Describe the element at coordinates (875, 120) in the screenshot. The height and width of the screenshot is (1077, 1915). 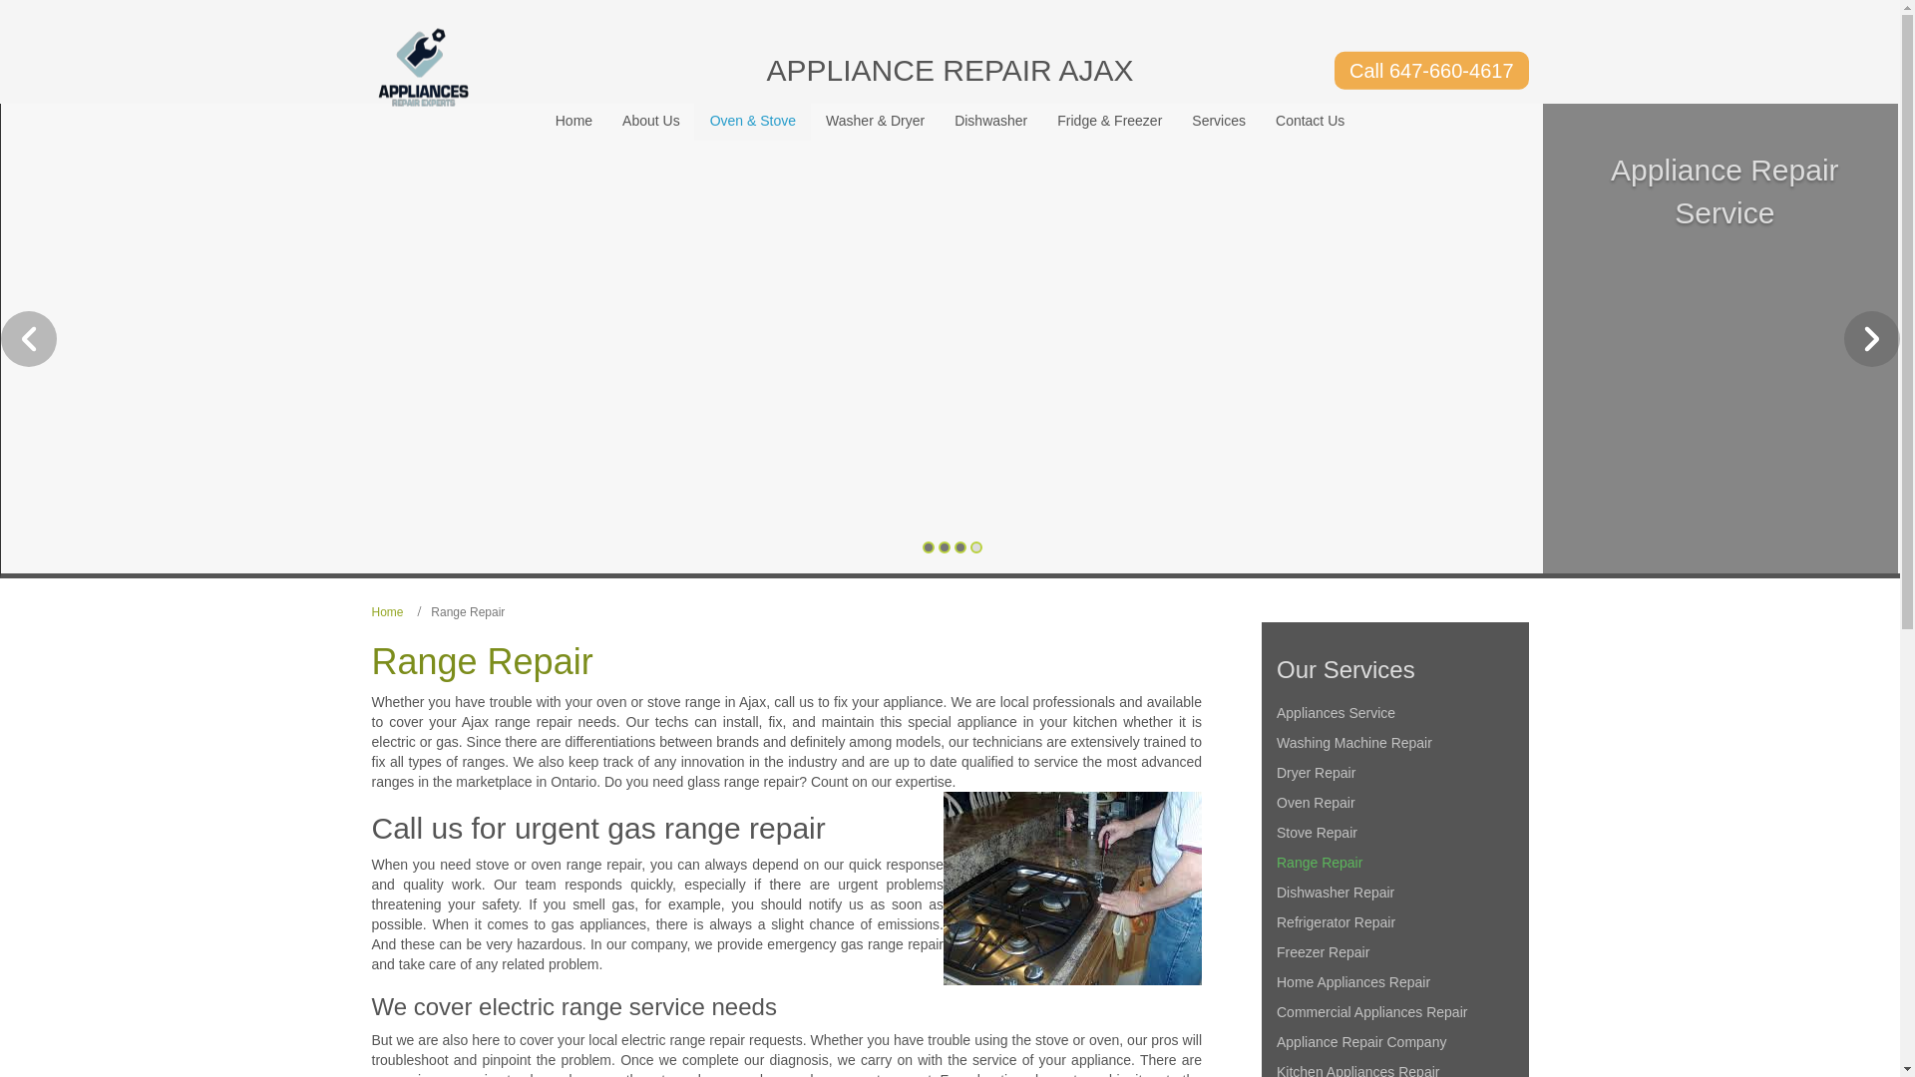
I see `'Washer & Dryer'` at that location.